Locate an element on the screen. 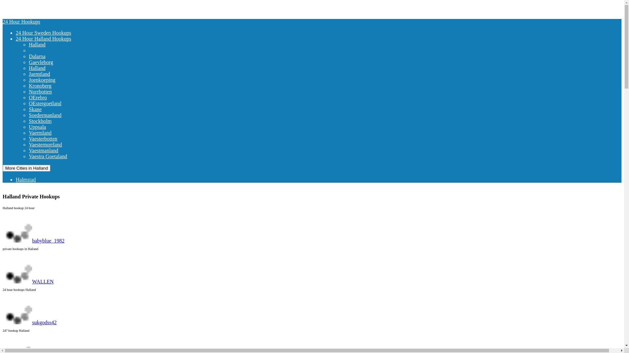  'OEstergoetland' is located at coordinates (56, 103).